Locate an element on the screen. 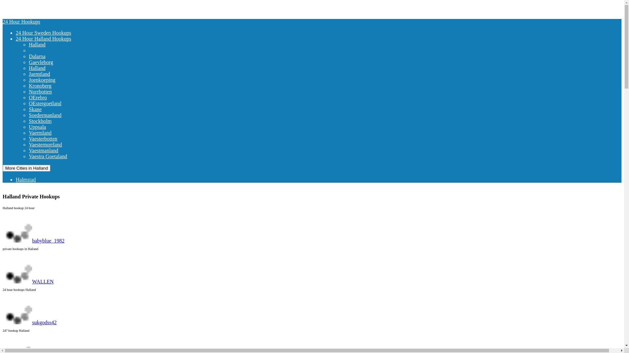  'OEstergoetland' is located at coordinates (56, 103).